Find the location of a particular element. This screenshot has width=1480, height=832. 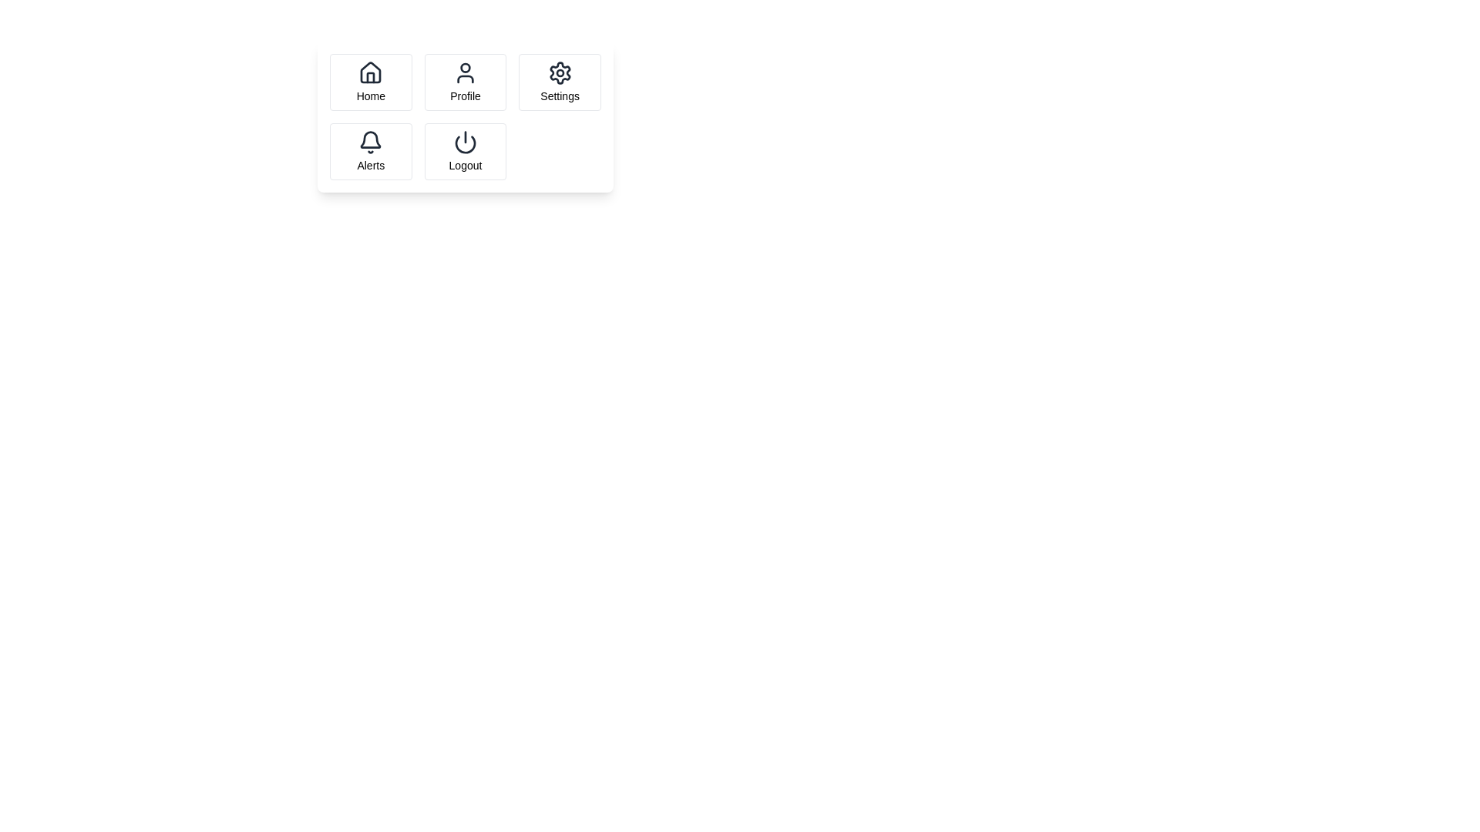

the bell-shaped icon inside the 'Alerts' button is located at coordinates (371, 143).